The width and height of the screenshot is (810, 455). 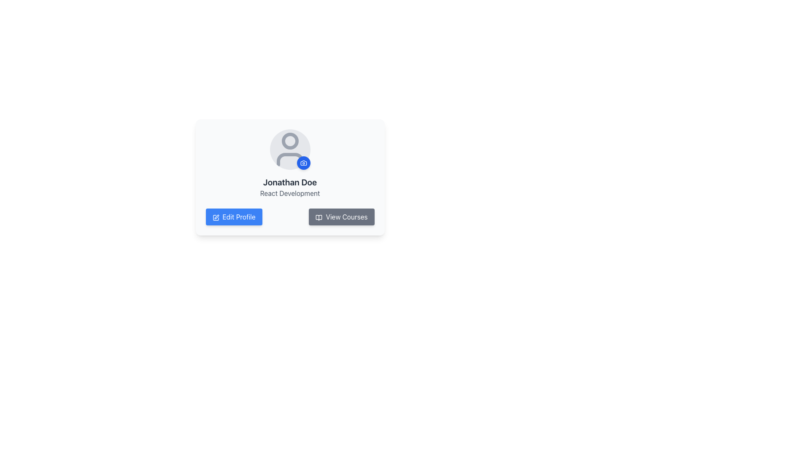 I want to click on the profile avatar in the Profile card section featuring Jonathan Doe, so click(x=290, y=164).